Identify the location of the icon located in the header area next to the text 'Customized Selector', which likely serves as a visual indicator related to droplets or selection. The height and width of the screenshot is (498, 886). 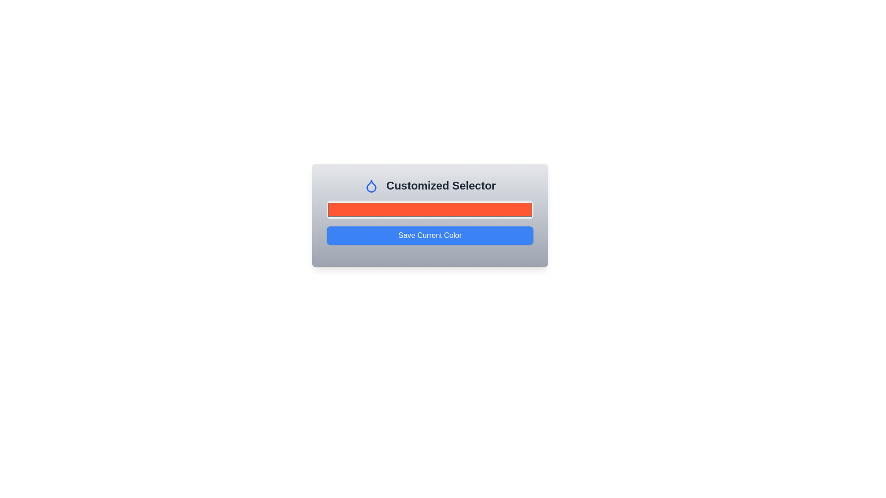
(371, 186).